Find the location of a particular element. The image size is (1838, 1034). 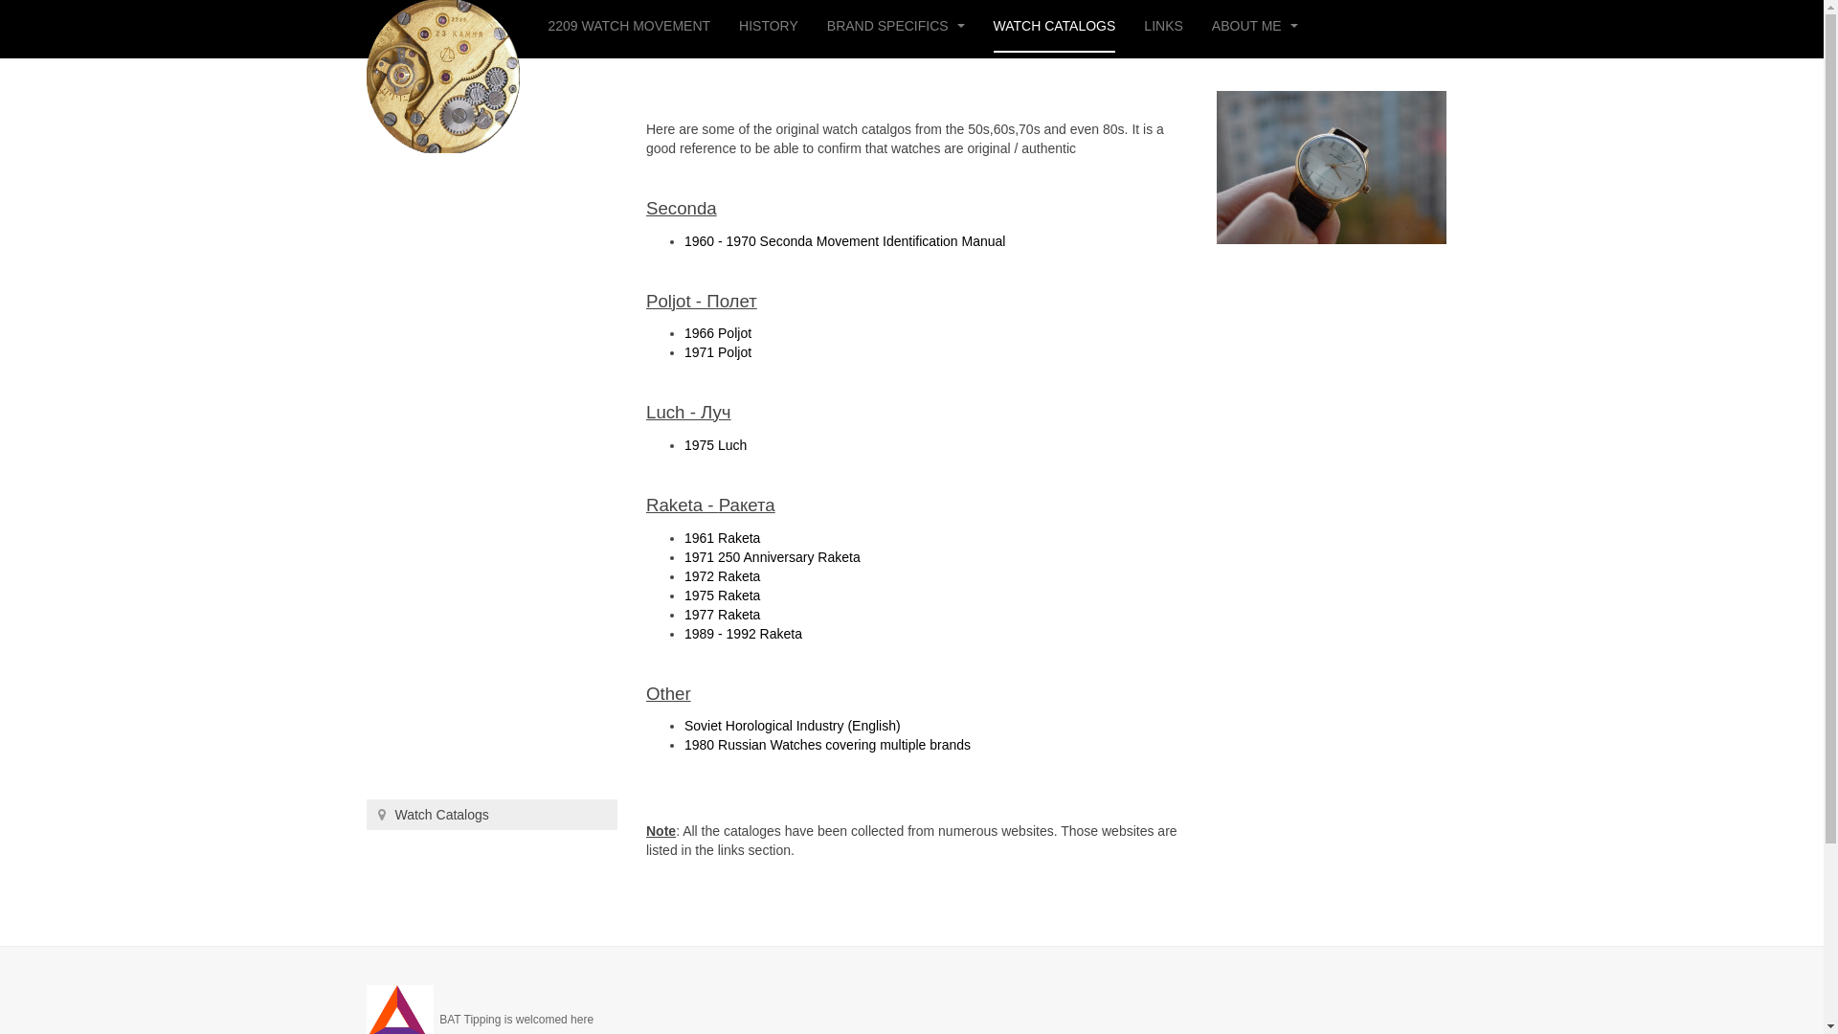

'1972 Raketa' is located at coordinates (721, 574).